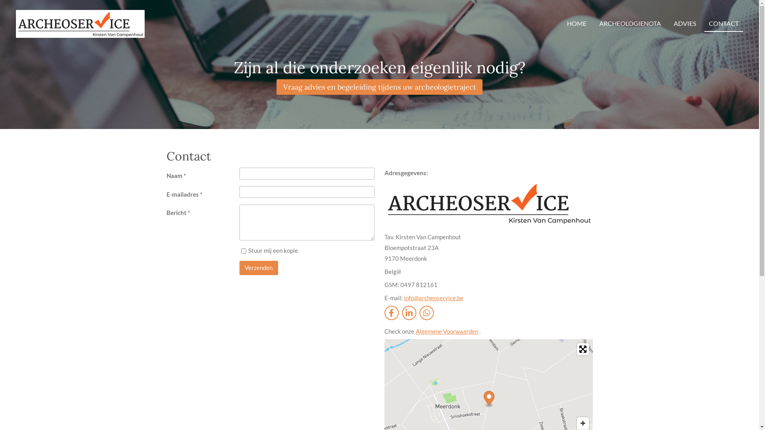 The width and height of the screenshot is (765, 430). Describe the element at coordinates (630, 23) in the screenshot. I see `'ARCHEOLOGIENOTA'` at that location.